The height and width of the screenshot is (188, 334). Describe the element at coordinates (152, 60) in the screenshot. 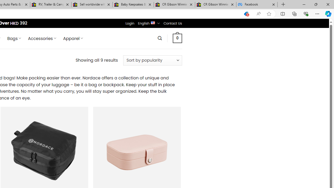

I see `'Shop order'` at that location.